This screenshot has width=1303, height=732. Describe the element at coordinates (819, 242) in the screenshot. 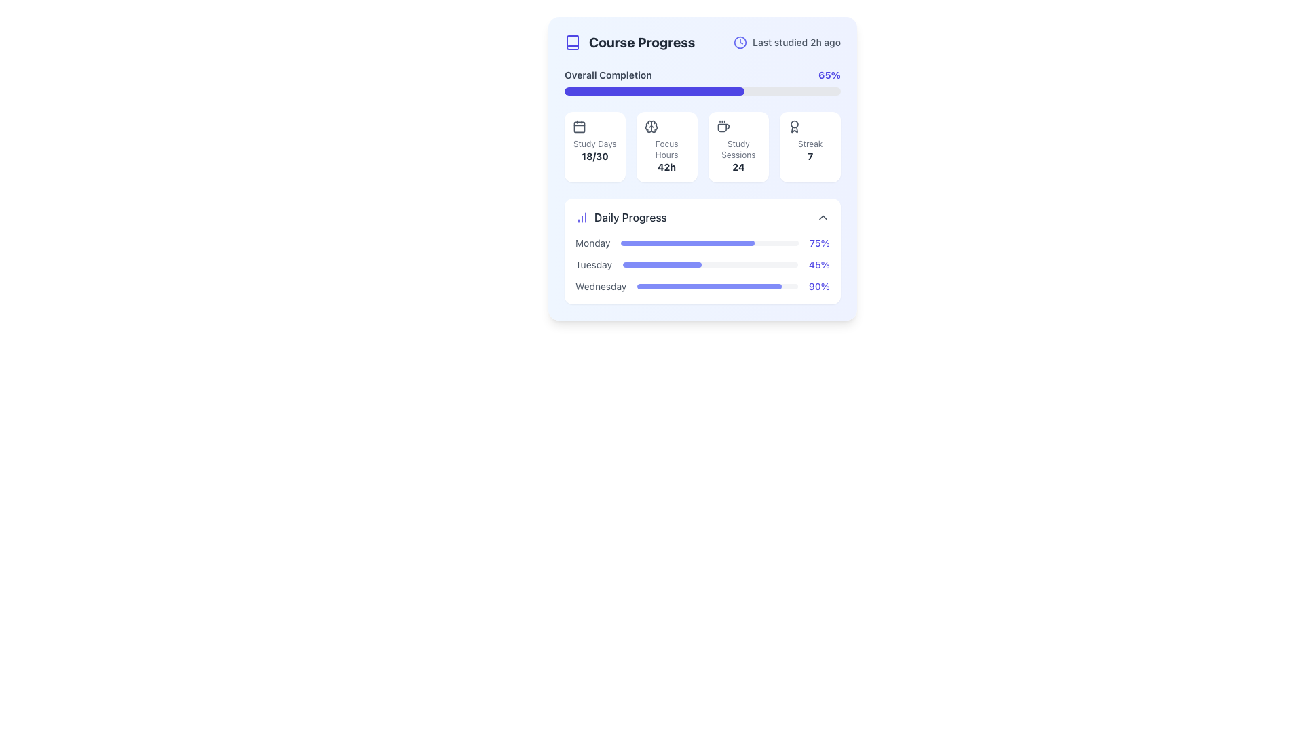

I see `the text label displaying '75%' which is styled in indigo color and located at the end of the progress bar for 'Monday' in the 'Daily Progress' section` at that location.